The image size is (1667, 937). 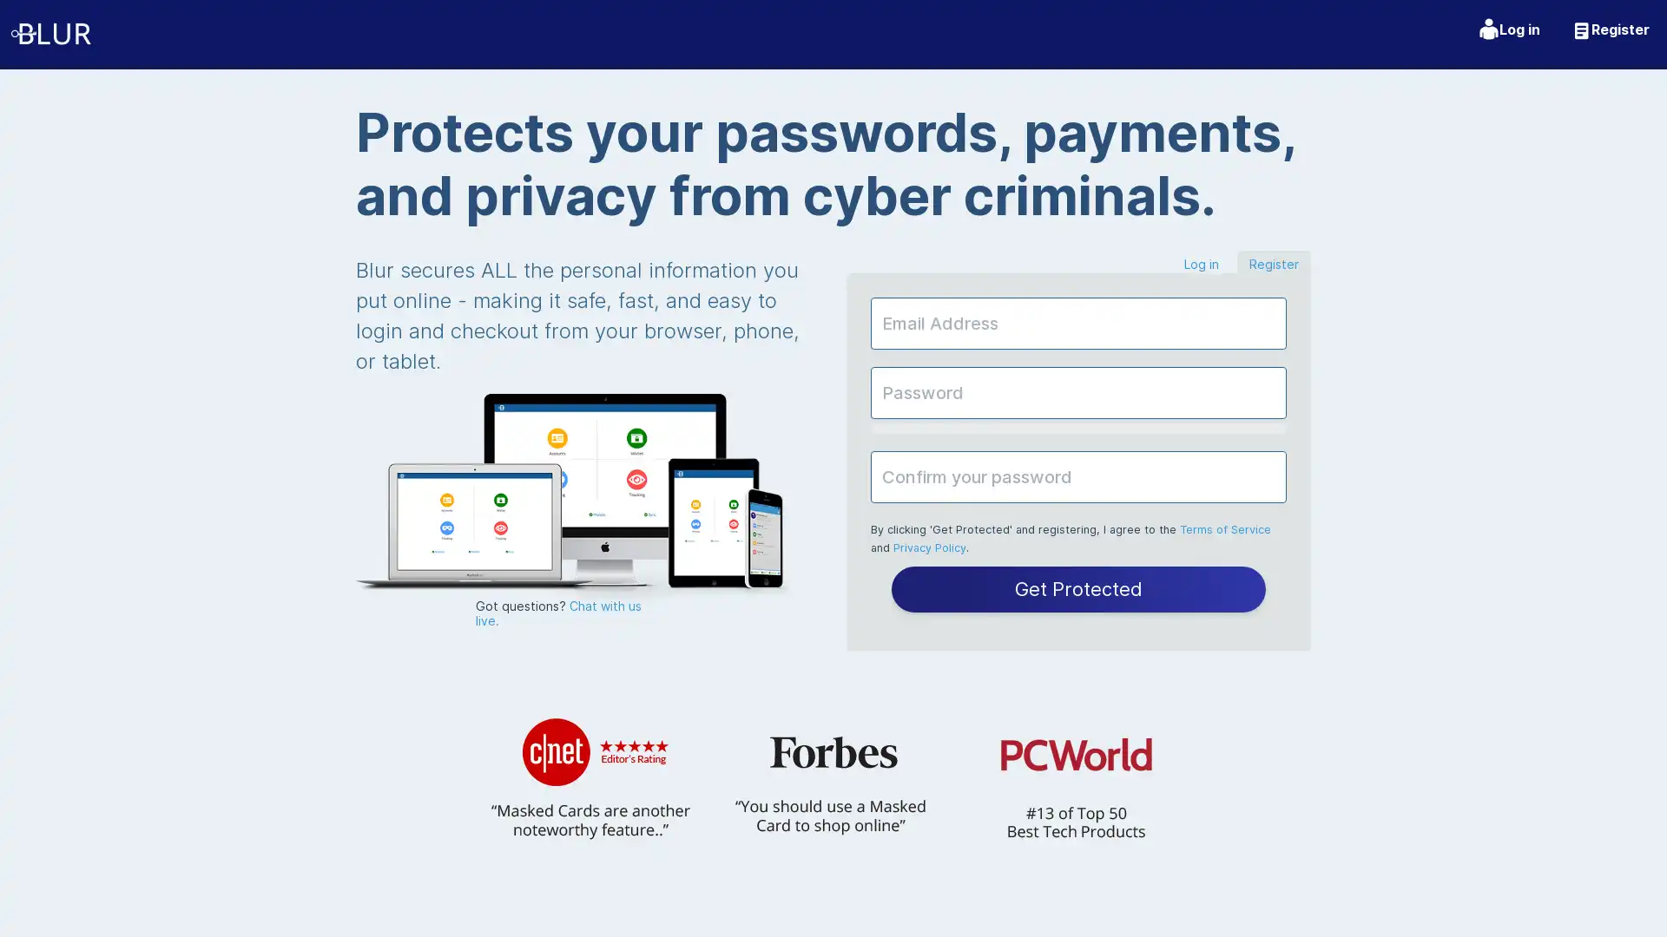 What do you see at coordinates (1077, 587) in the screenshot?
I see `Get Protected` at bounding box center [1077, 587].